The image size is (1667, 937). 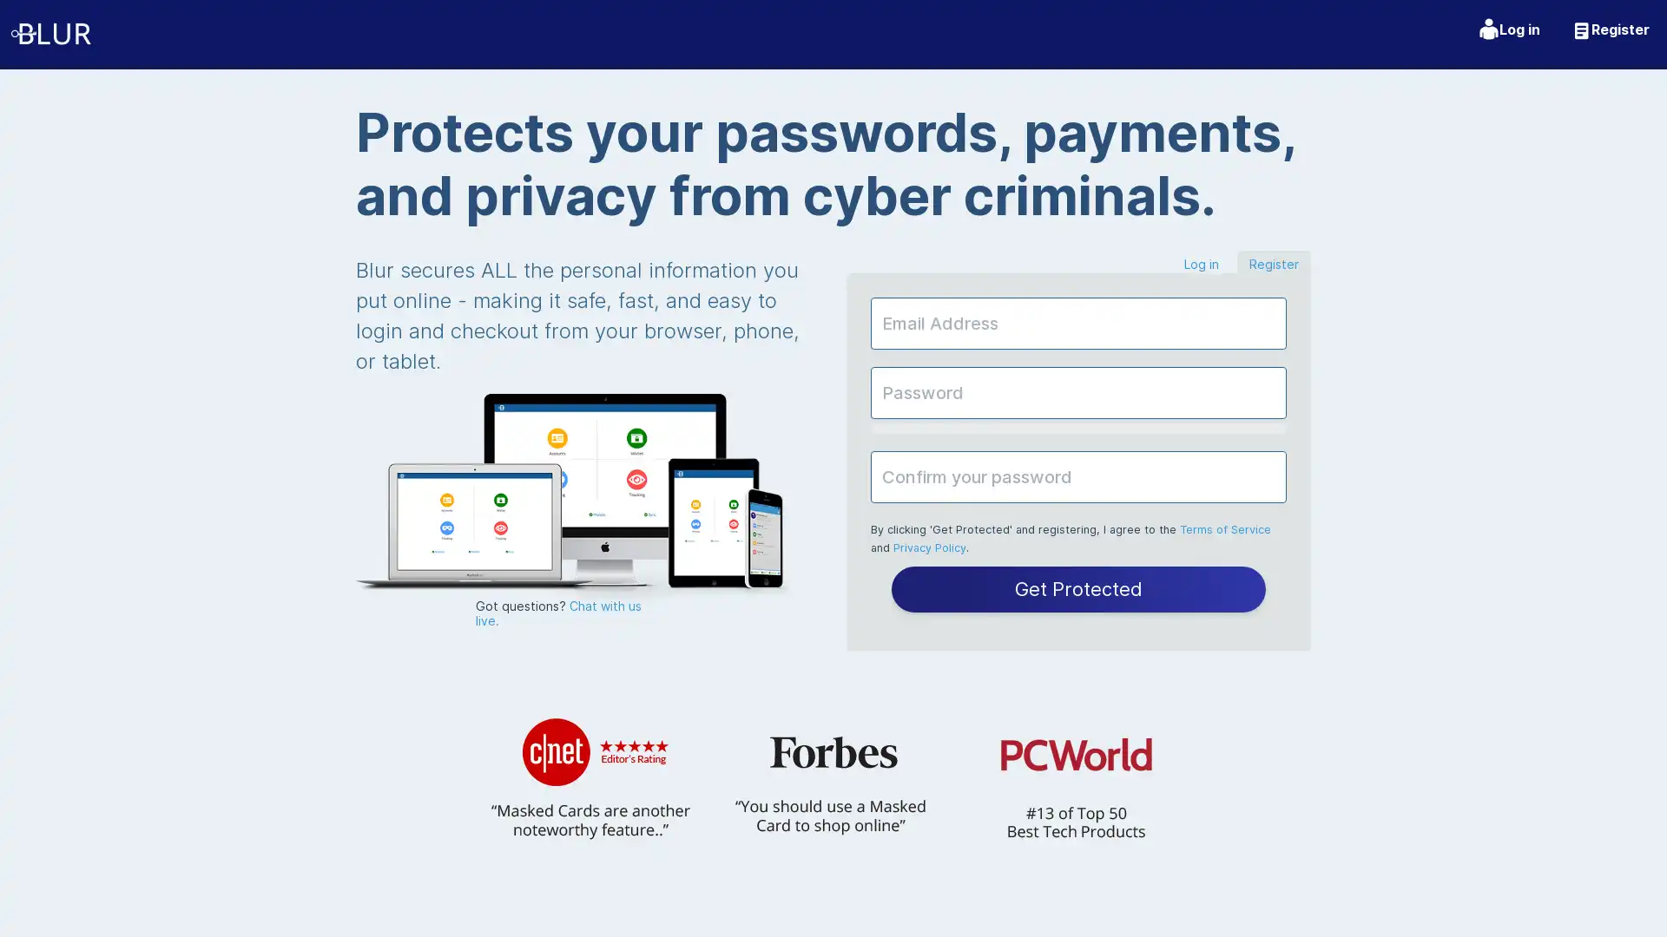 What do you see at coordinates (1077, 587) in the screenshot?
I see `Get Protected` at bounding box center [1077, 587].